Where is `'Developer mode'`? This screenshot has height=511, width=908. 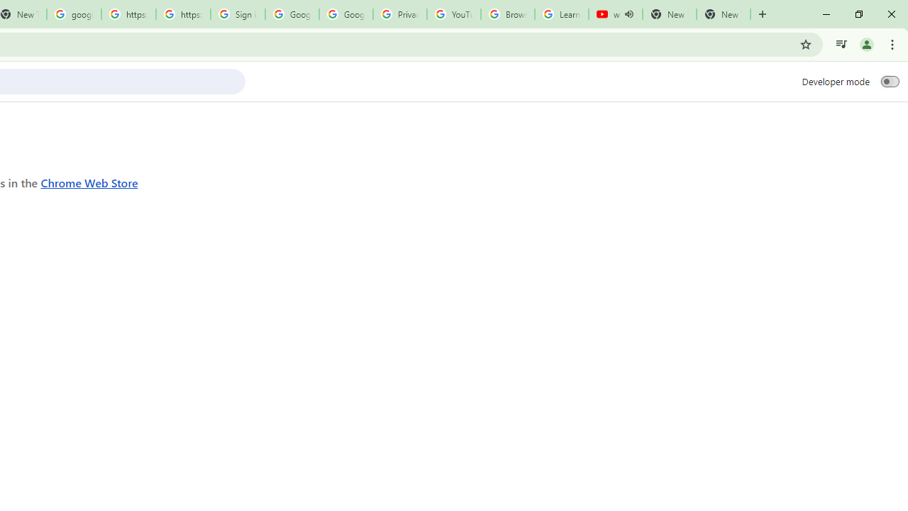 'Developer mode' is located at coordinates (890, 81).